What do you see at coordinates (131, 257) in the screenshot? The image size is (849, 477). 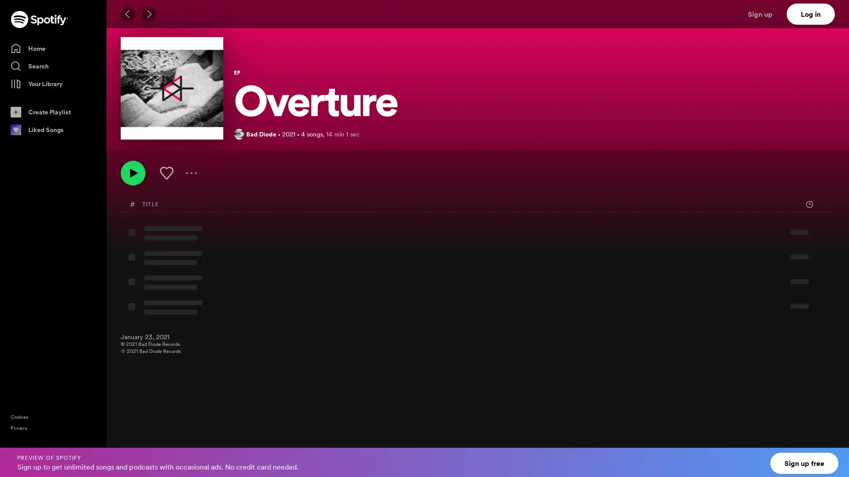 I see `Play In the Vault by Bad Diode` at bounding box center [131, 257].